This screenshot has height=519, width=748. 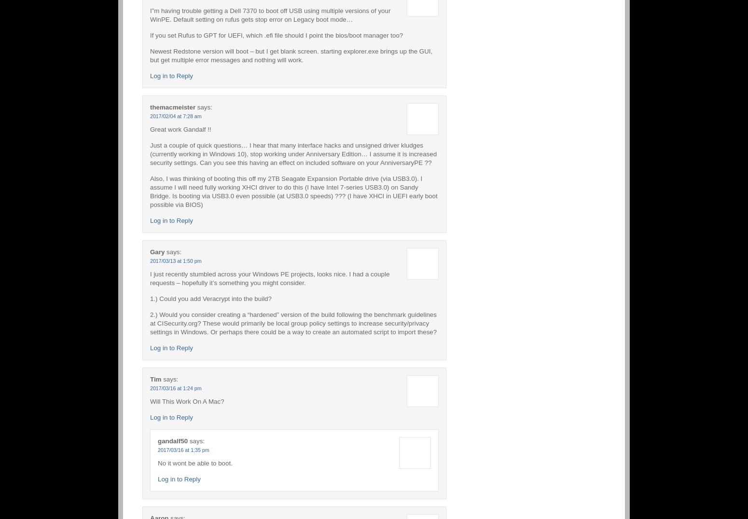 I want to click on 'I just recently stumbled across your Windows PE projects, looks nice.  I had a couple requests – hopefully it’s something you might consider.', so click(x=269, y=277).